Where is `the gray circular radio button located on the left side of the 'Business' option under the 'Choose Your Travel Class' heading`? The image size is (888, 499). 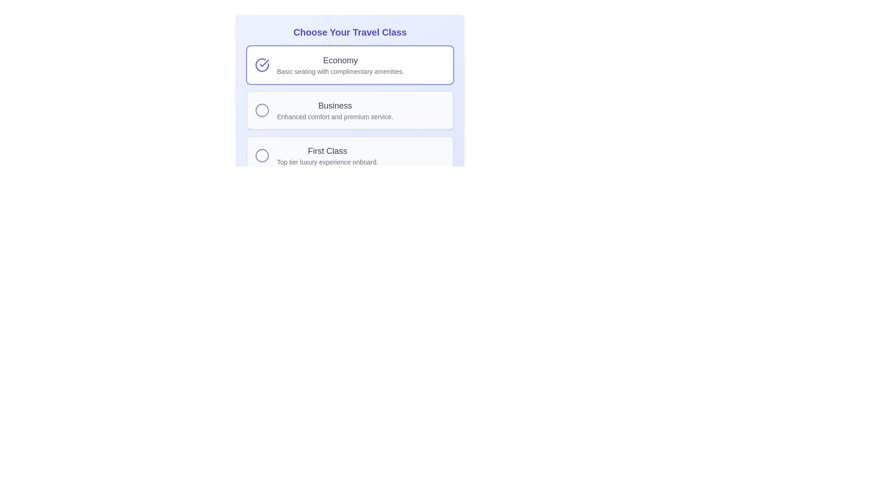
the gray circular radio button located on the left side of the 'Business' option under the 'Choose Your Travel Class' heading is located at coordinates (261, 110).